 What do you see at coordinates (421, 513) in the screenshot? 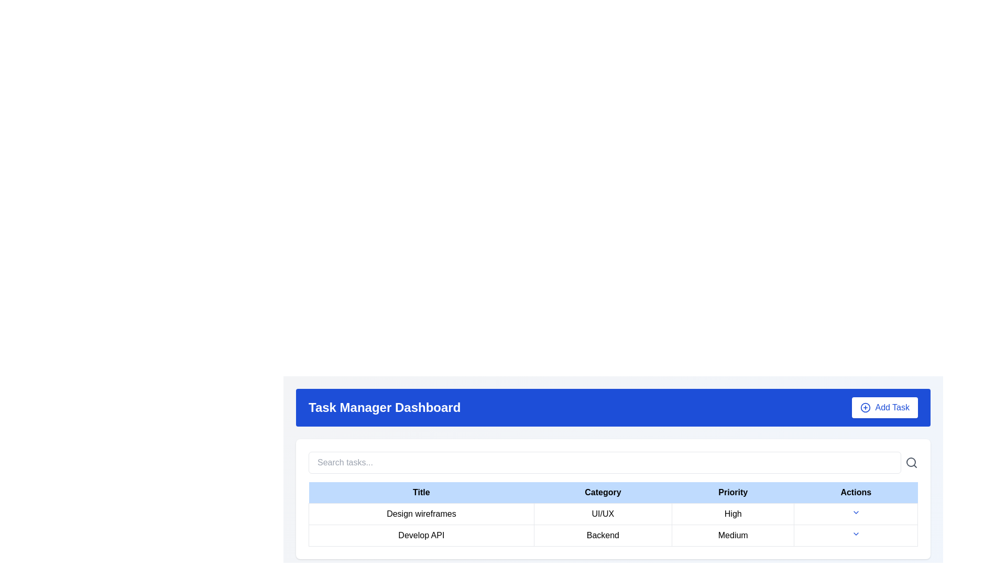
I see `the static text label that displays 'Design wireframes', which is the first item in the first row of a table under the 'Title' column` at bounding box center [421, 513].